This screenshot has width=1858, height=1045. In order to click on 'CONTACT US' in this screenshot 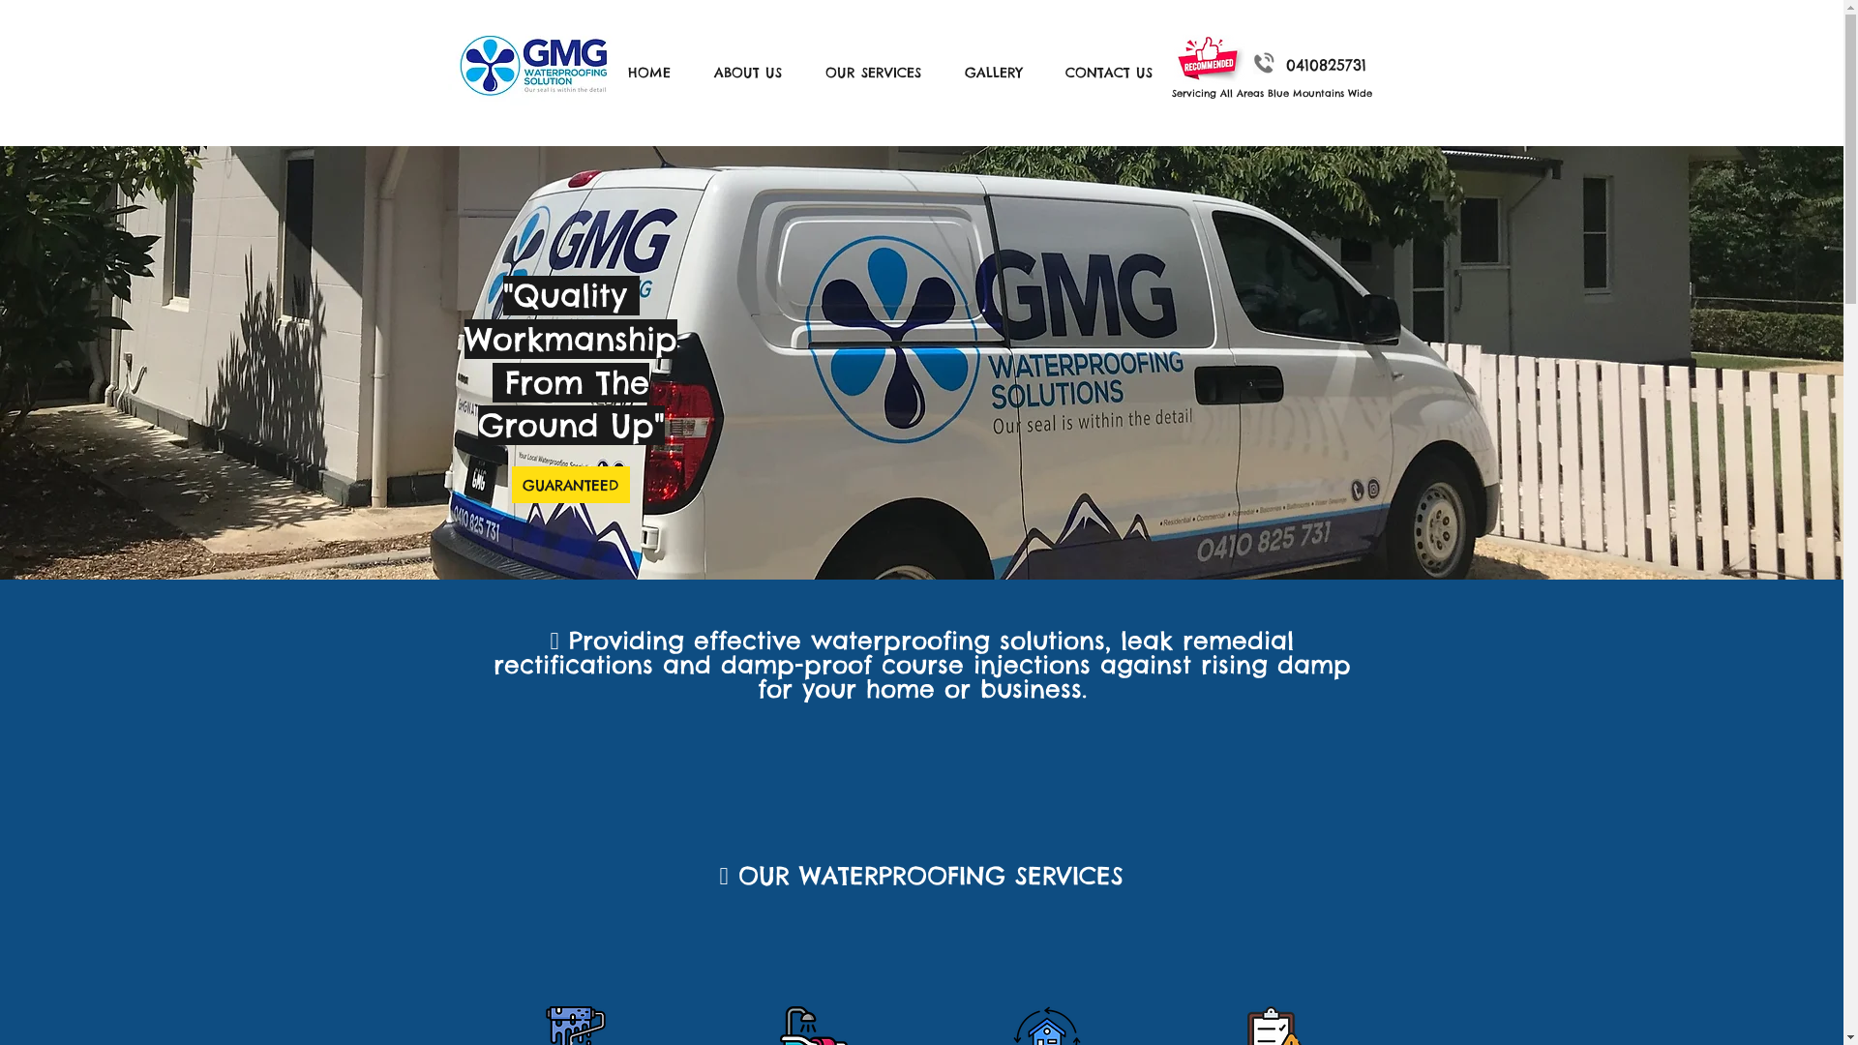, I will do `click(1115, 71)`.